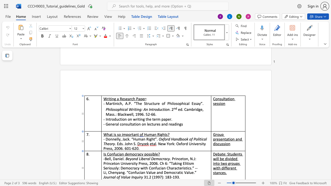  What do you see at coordinates (161, 177) in the screenshot?
I see `the space between the continuous character "7" and ")" in the text` at bounding box center [161, 177].